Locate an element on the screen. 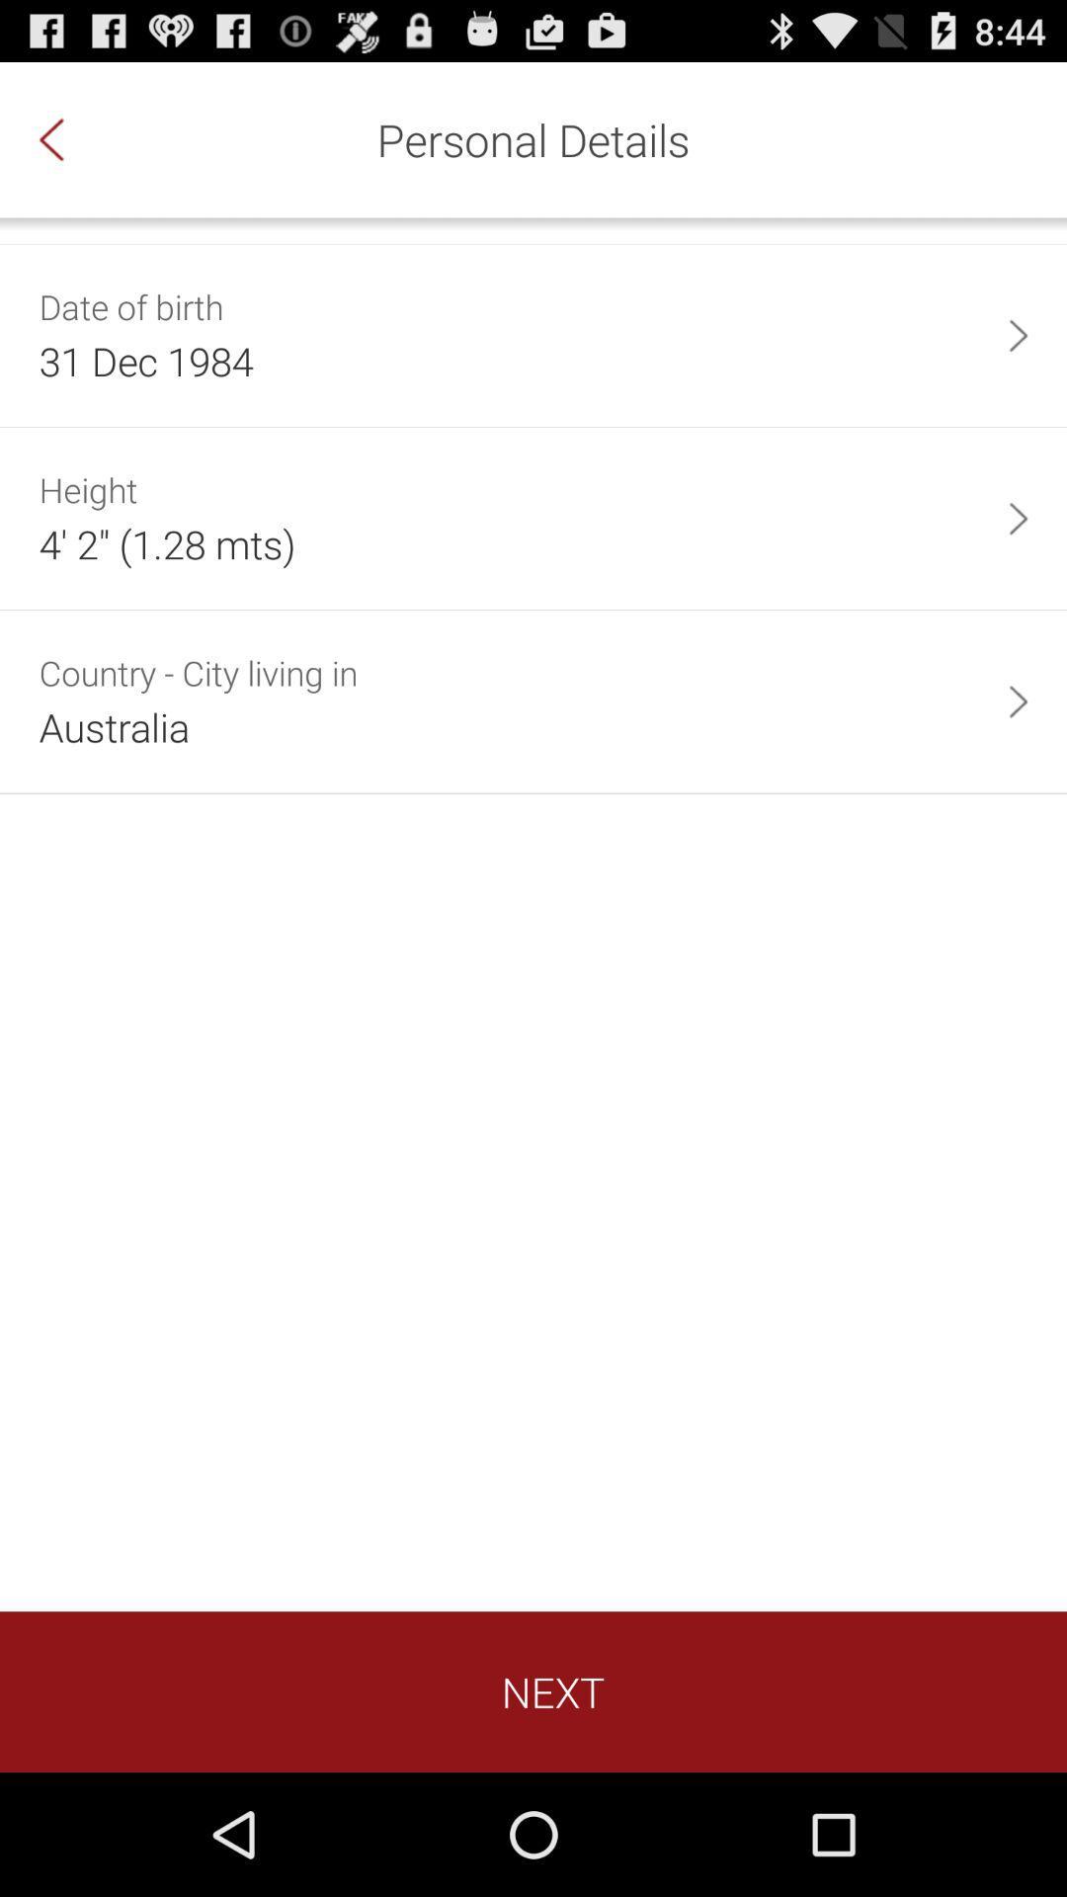 This screenshot has height=1897, width=1067. the play icon is located at coordinates (1018, 359).